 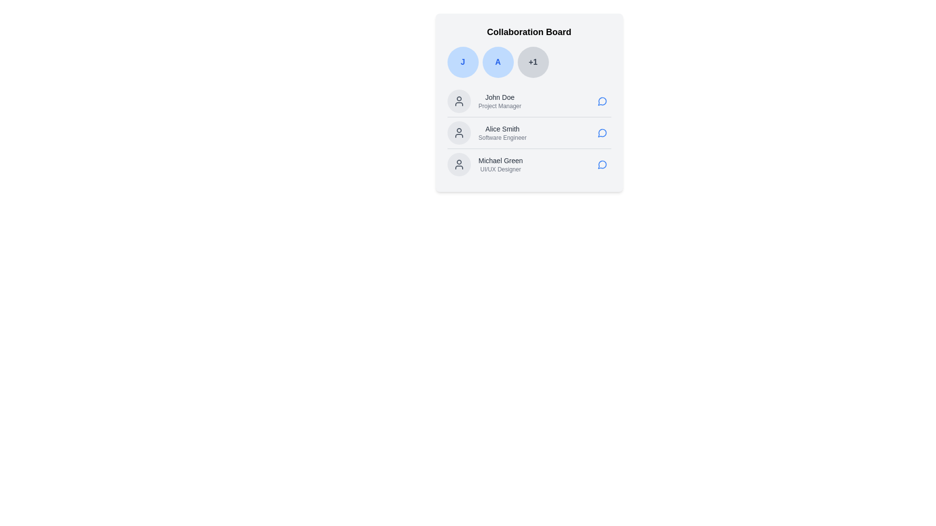 I want to click on the first user icon representing 'John Doe' in the 'Collaboration Board' panel, so click(x=458, y=101).